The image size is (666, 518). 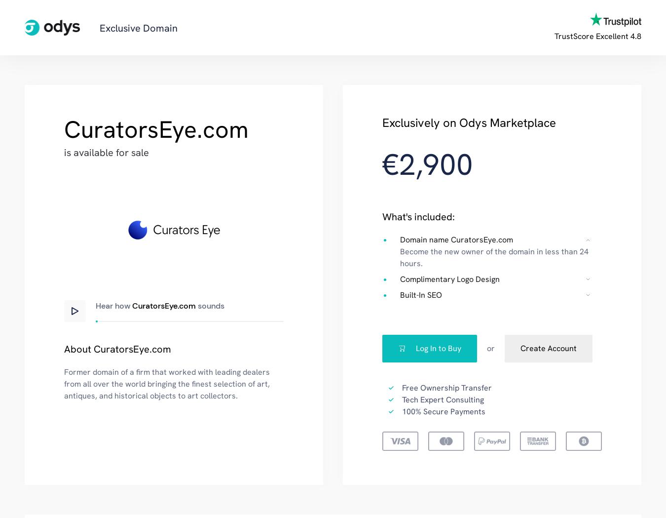 What do you see at coordinates (400, 256) in the screenshot?
I see `'Become the new owner of the domain in less than 24 hours.'` at bounding box center [400, 256].